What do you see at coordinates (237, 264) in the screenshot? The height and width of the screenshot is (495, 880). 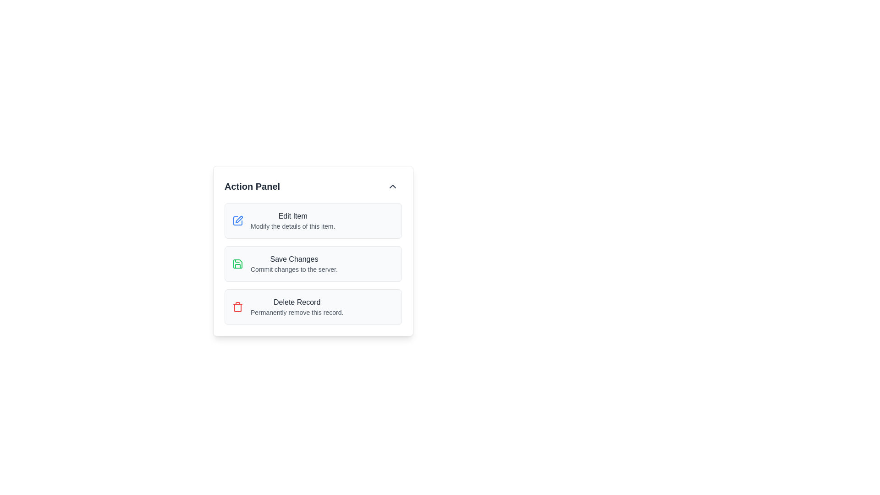 I see `the save changes icon, which serves as a visual cue in the user interface, located in the Action Panel to the left of the text labels` at bounding box center [237, 264].